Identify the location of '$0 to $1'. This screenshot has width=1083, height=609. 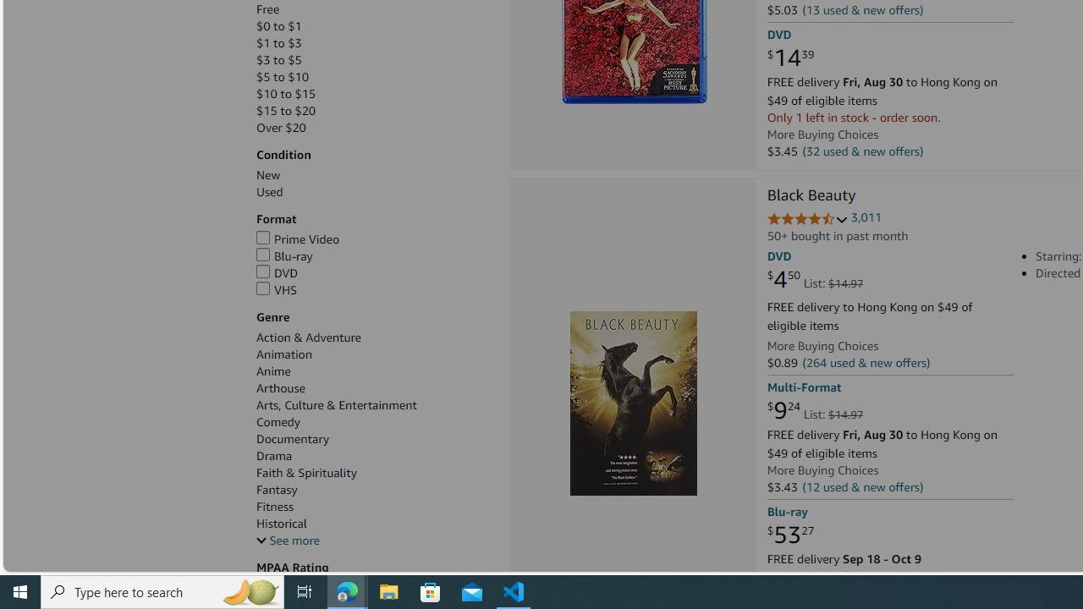
(279, 26).